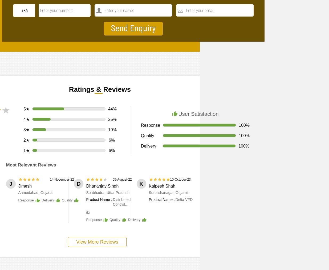 This screenshot has width=329, height=270. I want to click on 'Most Relevant Reviews', so click(30, 165).